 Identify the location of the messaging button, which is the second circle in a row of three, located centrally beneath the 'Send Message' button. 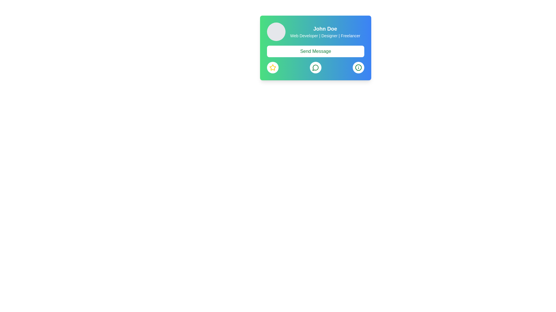
(315, 67).